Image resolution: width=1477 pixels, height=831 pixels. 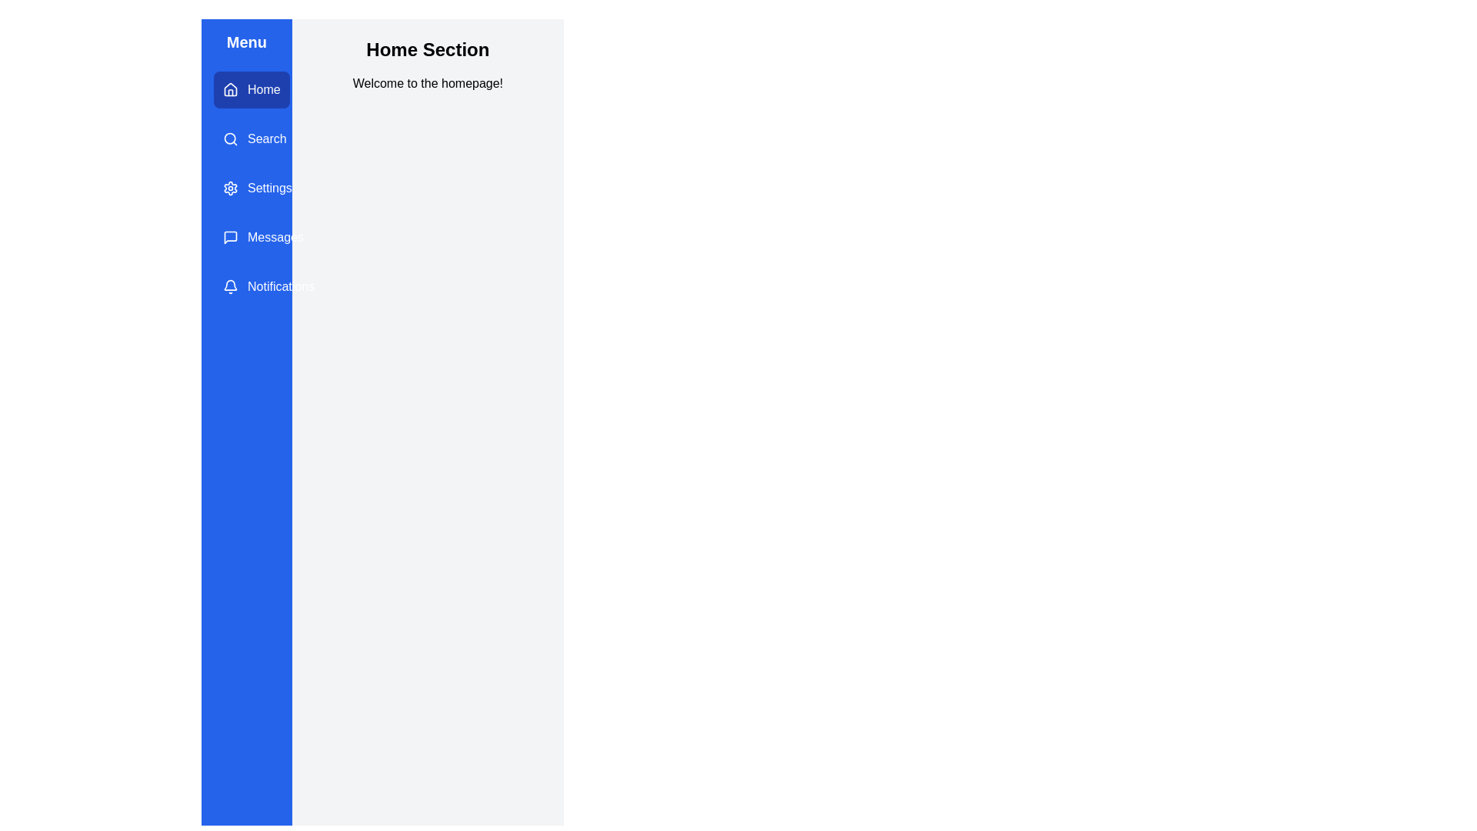 I want to click on the fifth button in the vertical sidebar menu, so click(x=268, y=287).